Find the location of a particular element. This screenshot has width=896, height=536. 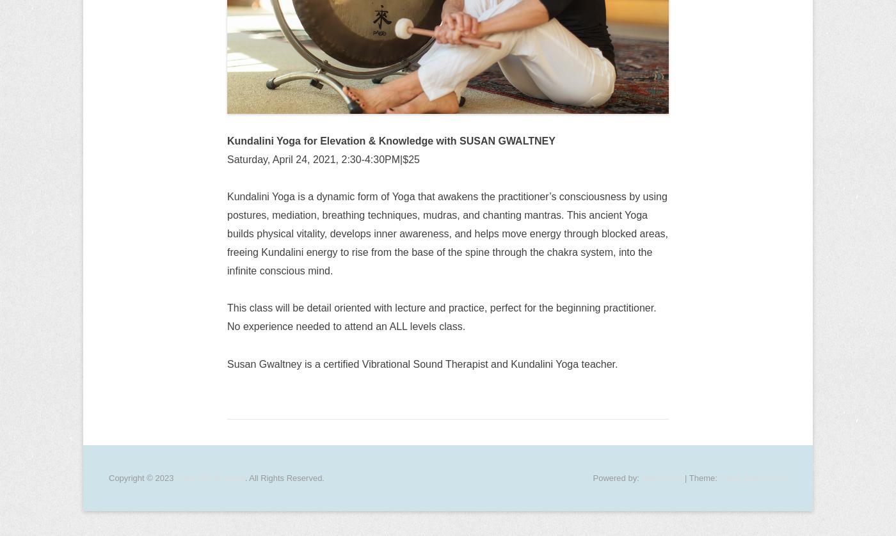

'Kundalini Yoga is a dynamic form of Yoga that awakens the practitioner’s consciousness by using postures, mediation, breathing techniques, mudras, and chanting mantras. This ancient Yoga builds physical vitality, develops inner awareness, and helps move energy through blocked areas, freeing Kundalini energy to rise from the base of the spine through the chakra system, into the infinite conscious mind.' is located at coordinates (447, 233).